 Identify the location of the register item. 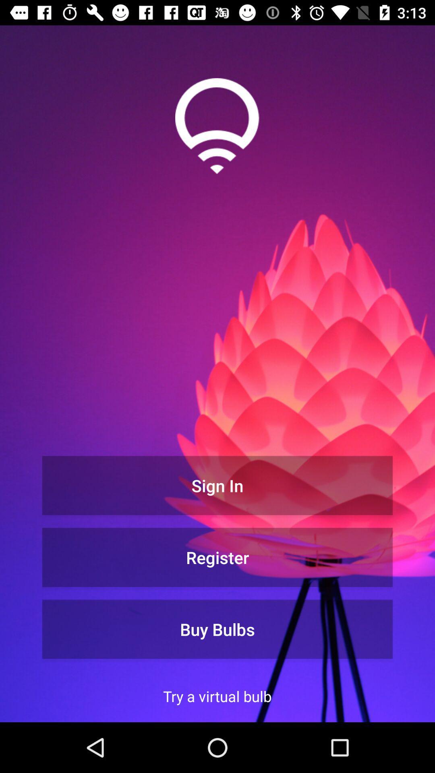
(217, 557).